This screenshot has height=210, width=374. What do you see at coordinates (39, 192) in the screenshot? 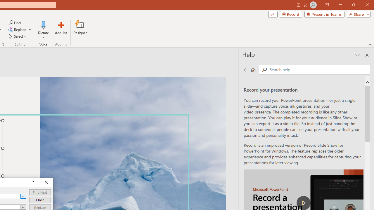
I see `'Find Next'` at bounding box center [39, 192].